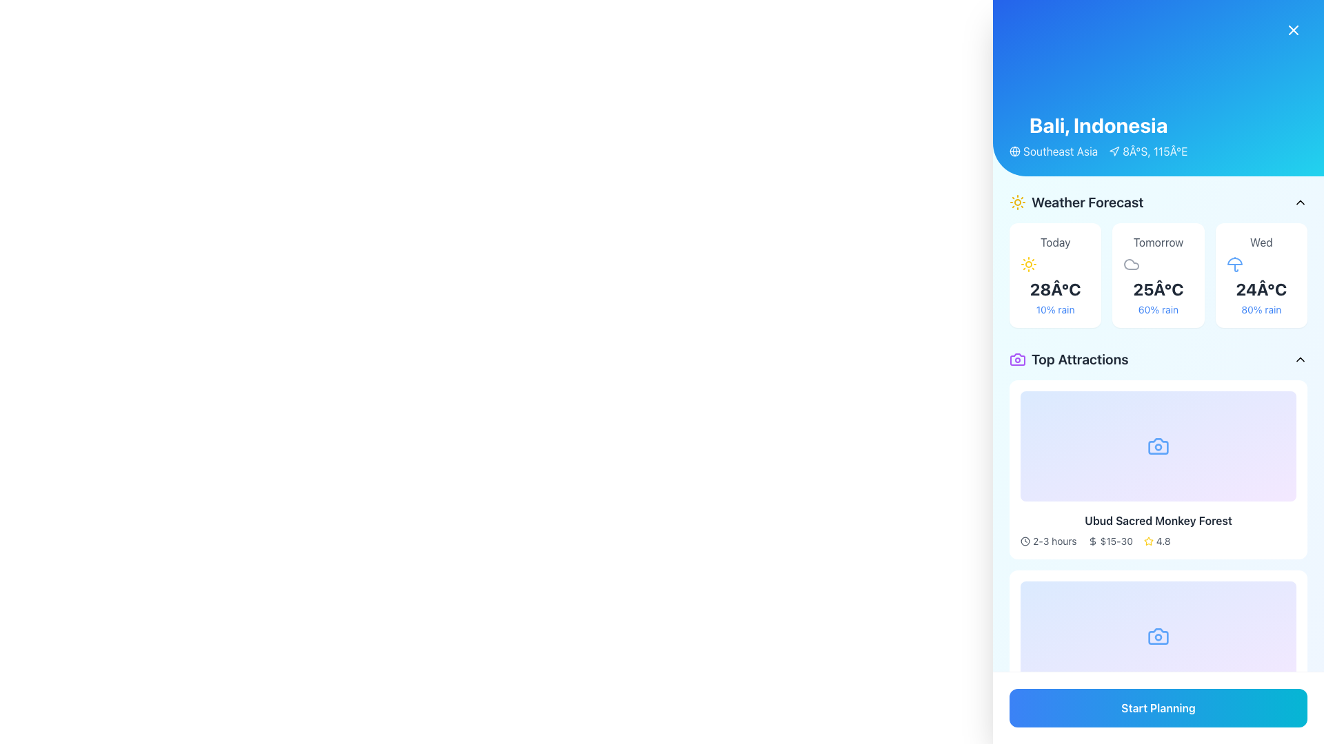  What do you see at coordinates (1098, 125) in the screenshot?
I see `prominently styled text 'Bali, Indonesia' located at the top of the geographic and weather information section` at bounding box center [1098, 125].